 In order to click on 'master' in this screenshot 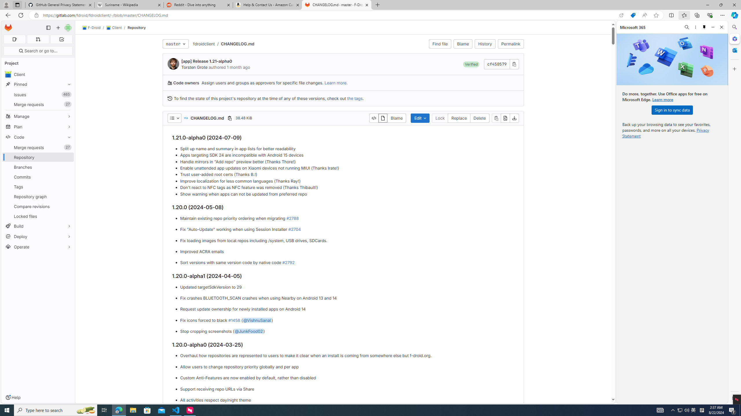, I will do `click(175, 43)`.